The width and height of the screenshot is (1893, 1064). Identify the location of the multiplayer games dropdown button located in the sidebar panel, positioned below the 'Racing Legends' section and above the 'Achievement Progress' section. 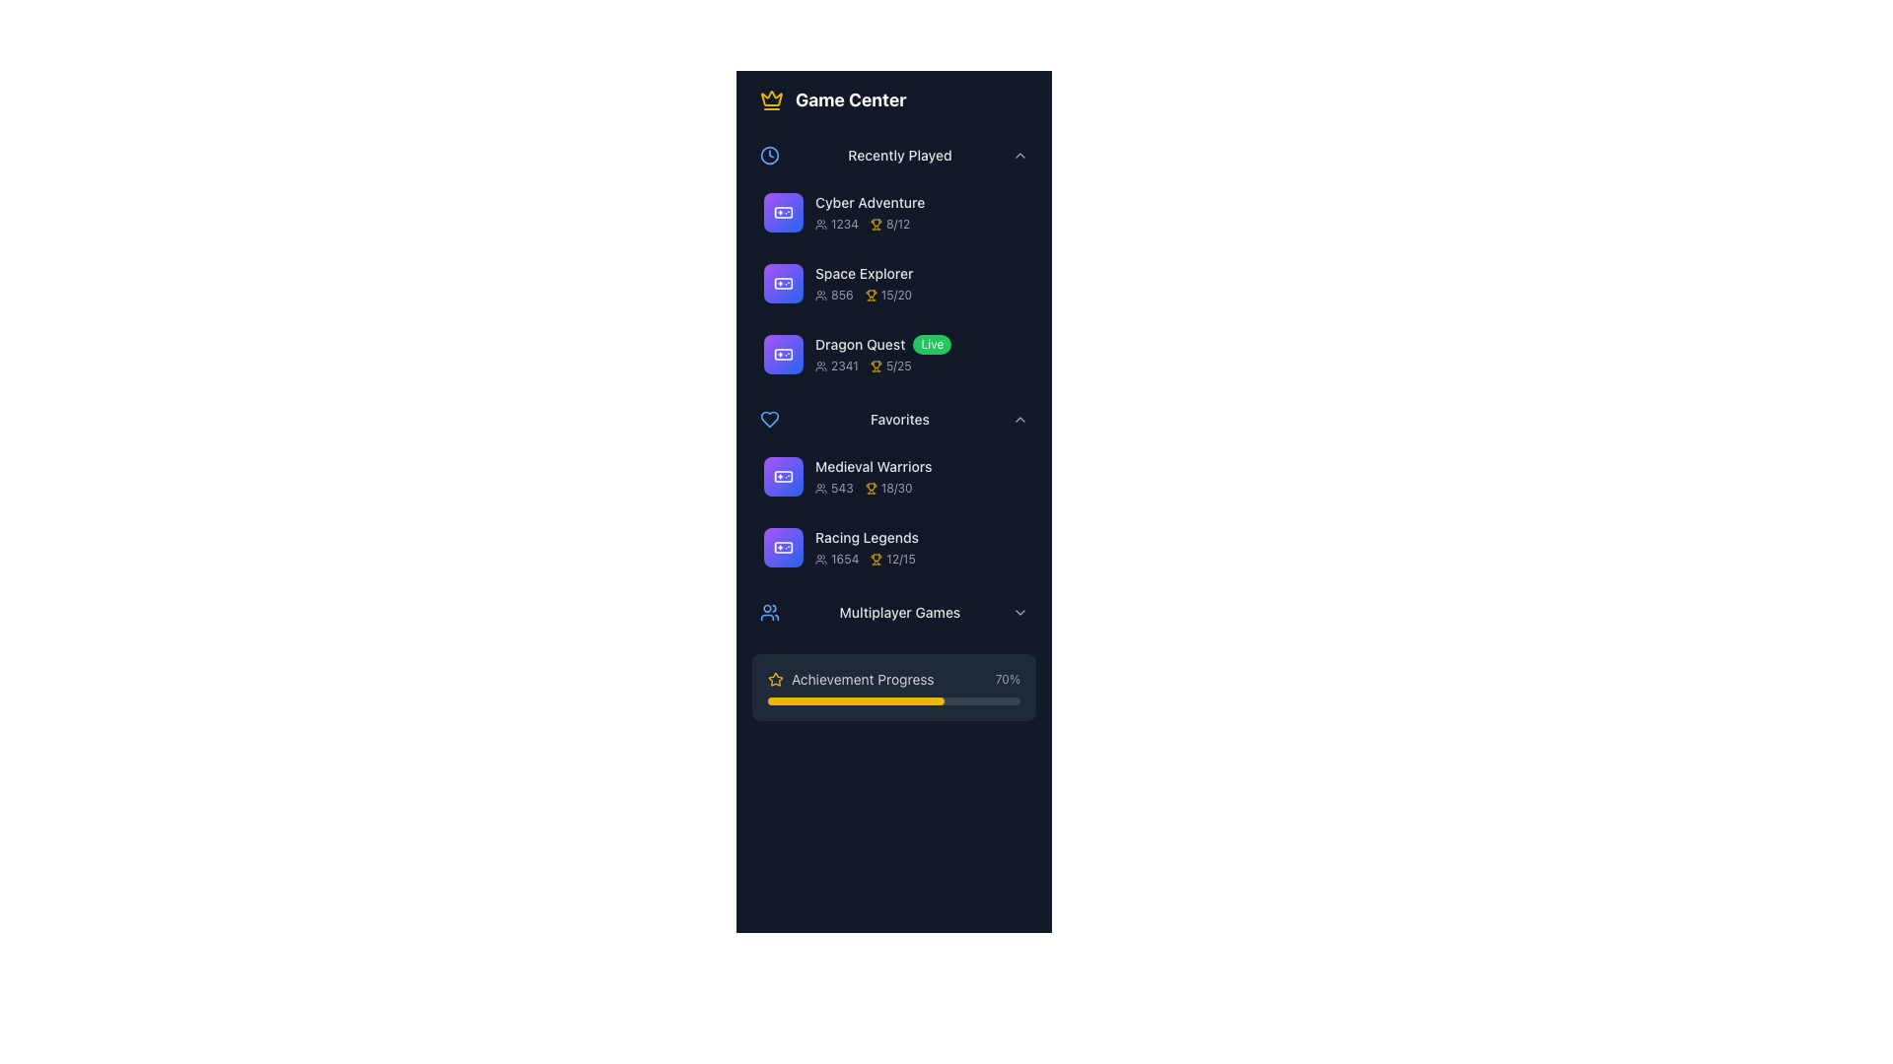
(893, 611).